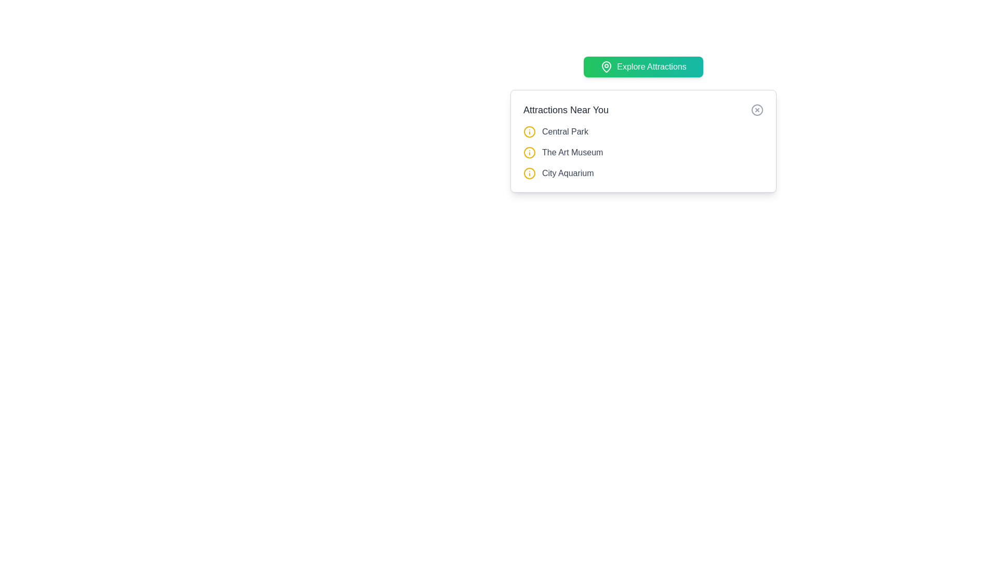 The height and width of the screenshot is (561, 998). What do you see at coordinates (572, 152) in the screenshot?
I see `the non-interactive text label representing 'The Art Museum' located in the attractions list under 'Attractions Near You.'` at bounding box center [572, 152].